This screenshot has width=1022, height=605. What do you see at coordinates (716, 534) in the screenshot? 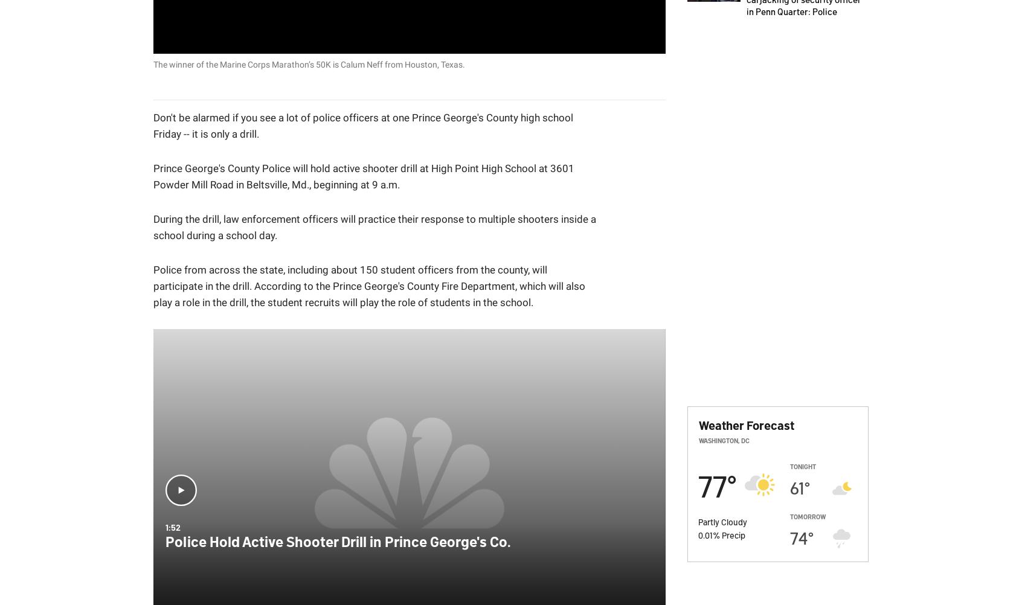
I see `'%'` at bounding box center [716, 534].